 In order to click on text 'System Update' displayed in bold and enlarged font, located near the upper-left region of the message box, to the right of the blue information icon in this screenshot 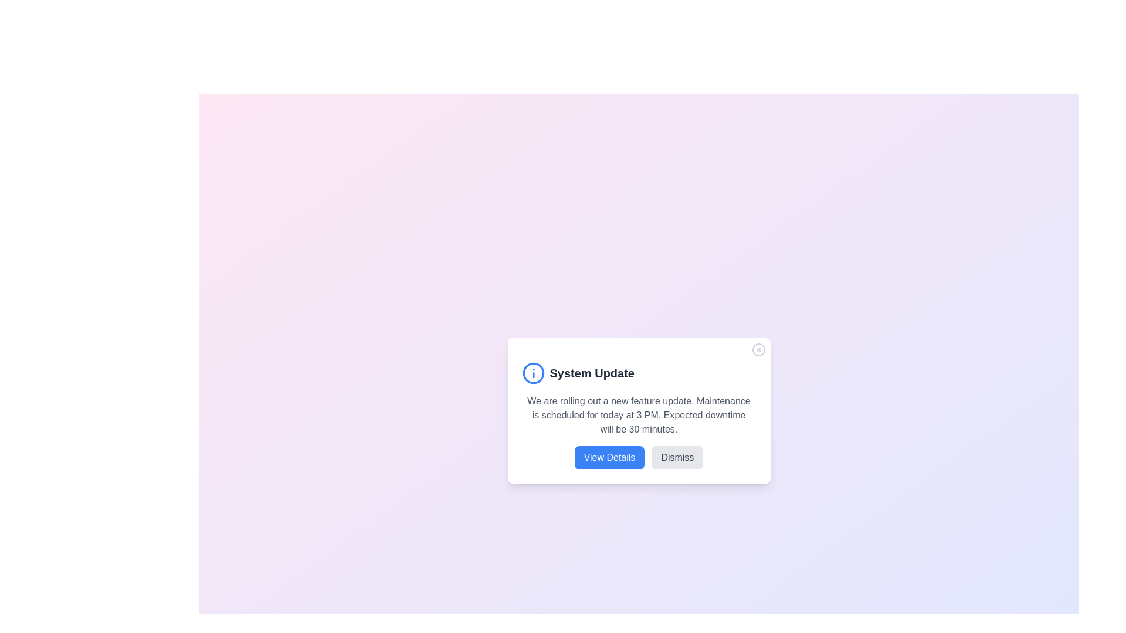, I will do `click(592, 373)`.